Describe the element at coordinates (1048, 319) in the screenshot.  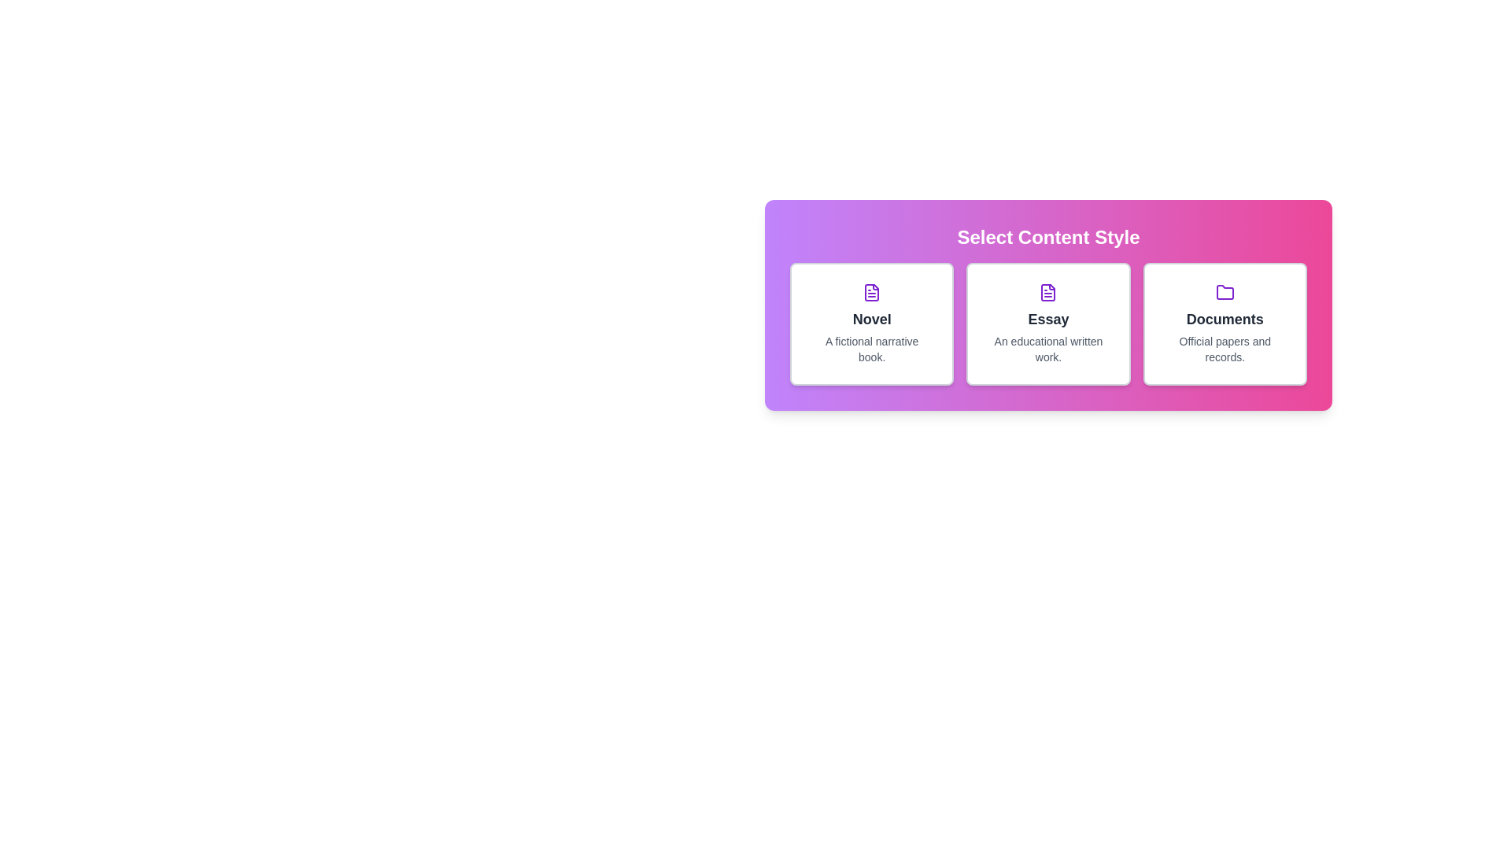
I see `text label displaying 'Essay' in bold style, centrally positioned within the second card of options` at that location.